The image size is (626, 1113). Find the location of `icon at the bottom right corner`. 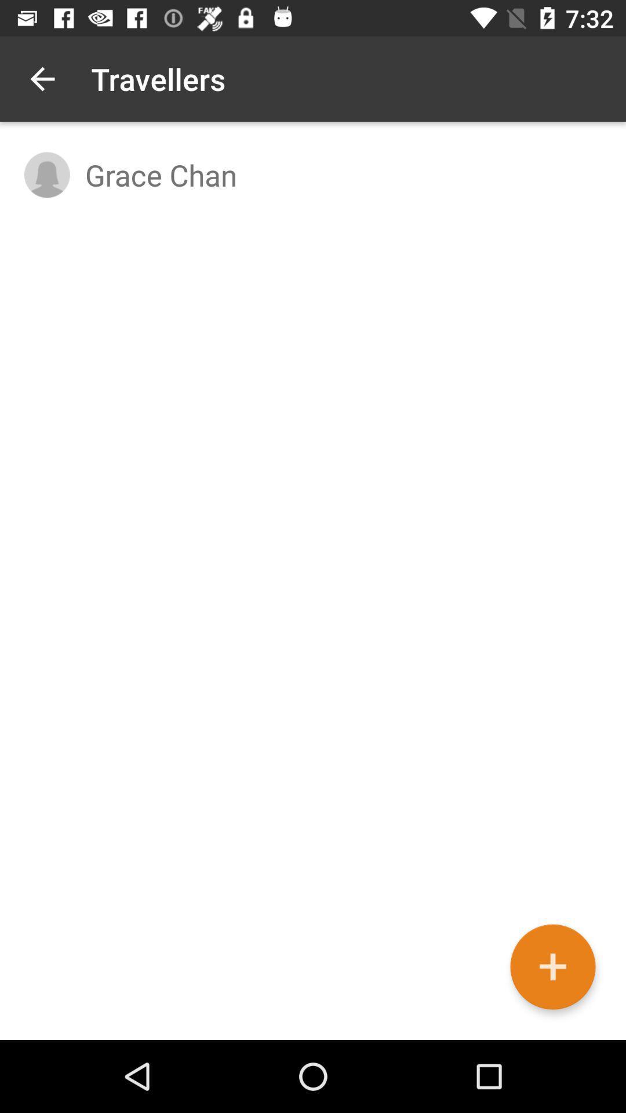

icon at the bottom right corner is located at coordinates (552, 967).